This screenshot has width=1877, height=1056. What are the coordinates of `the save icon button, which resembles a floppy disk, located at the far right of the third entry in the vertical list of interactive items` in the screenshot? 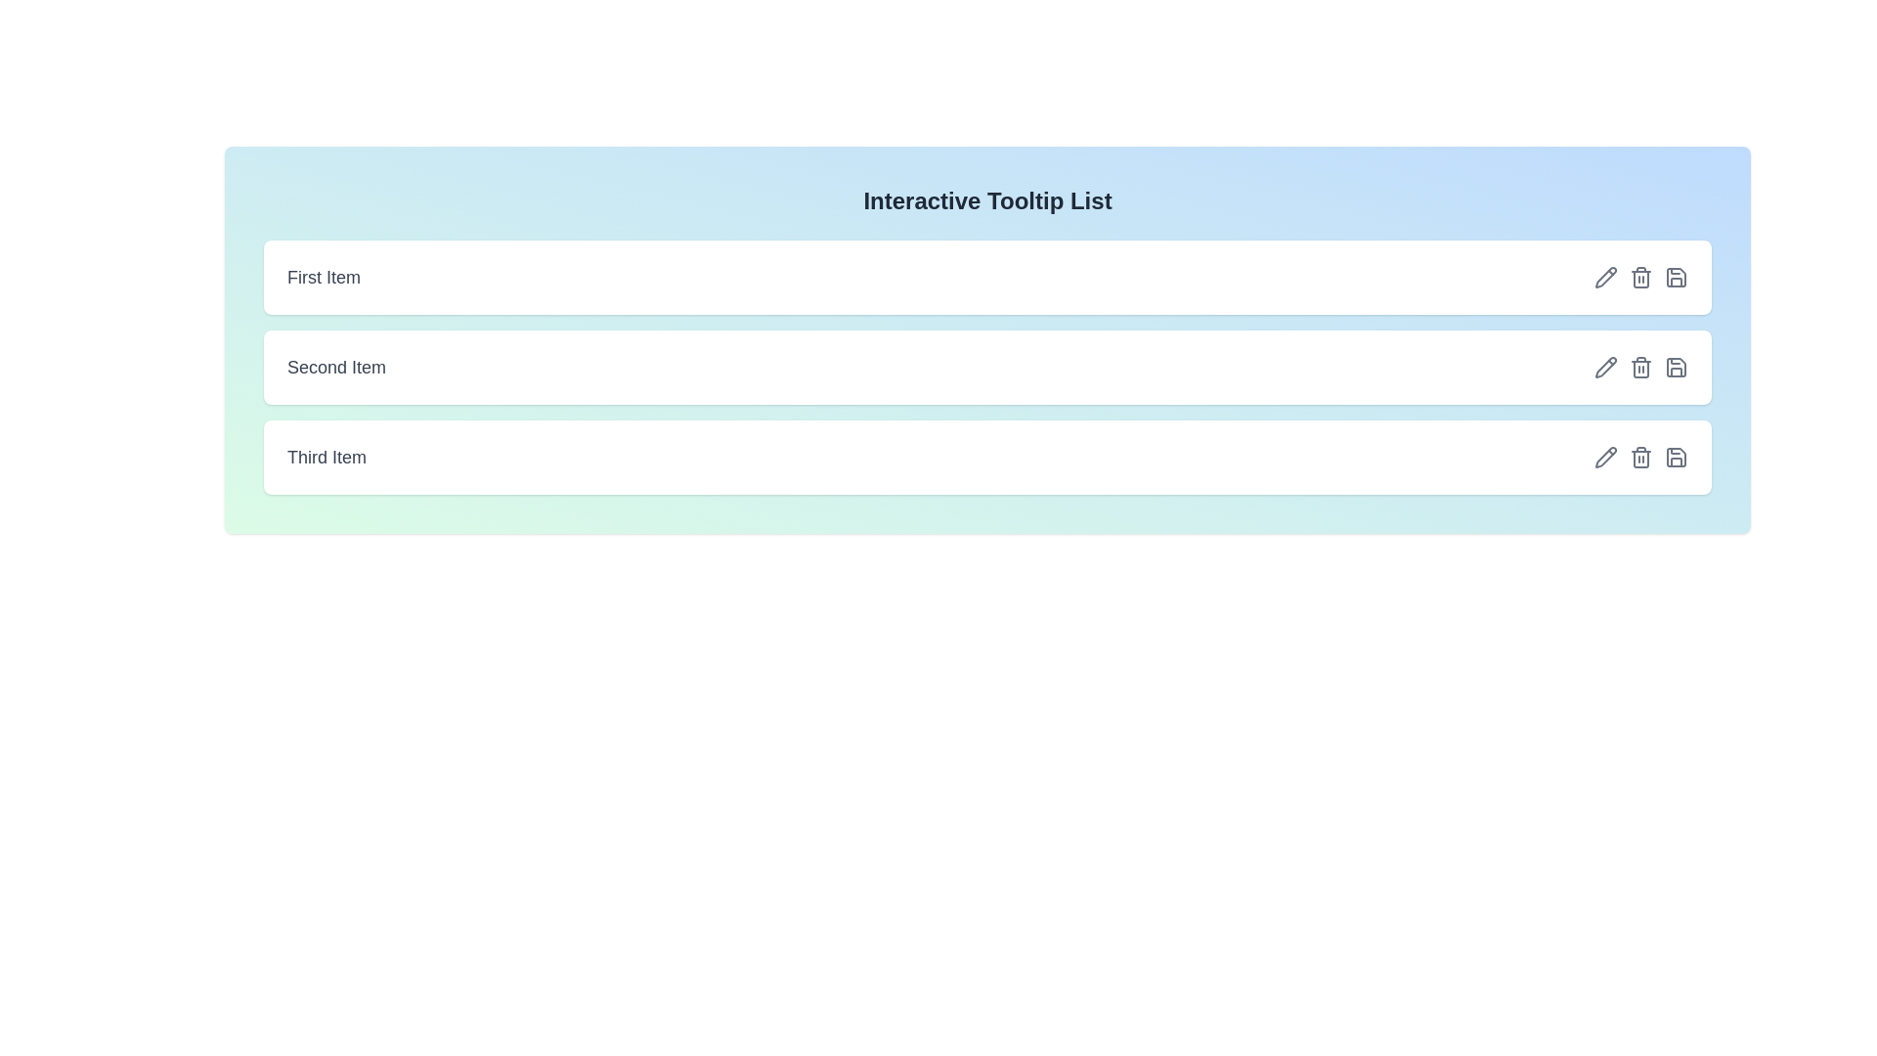 It's located at (1675, 278).